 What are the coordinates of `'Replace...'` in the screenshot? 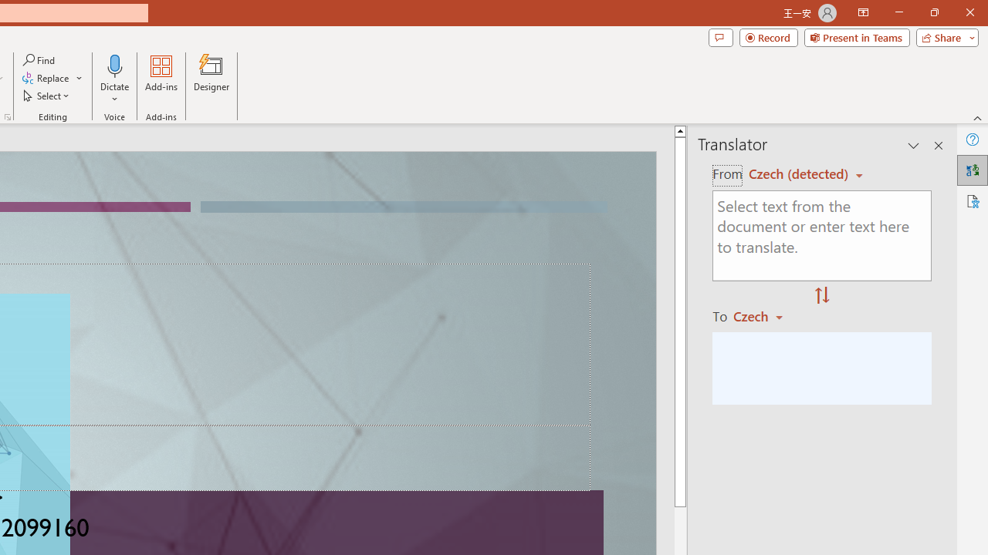 It's located at (46, 78).